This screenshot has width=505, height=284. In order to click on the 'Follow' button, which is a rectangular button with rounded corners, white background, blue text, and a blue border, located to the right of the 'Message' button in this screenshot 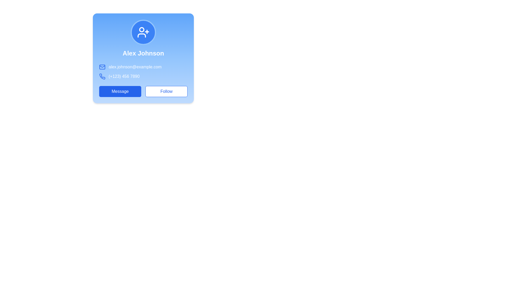, I will do `click(166, 91)`.